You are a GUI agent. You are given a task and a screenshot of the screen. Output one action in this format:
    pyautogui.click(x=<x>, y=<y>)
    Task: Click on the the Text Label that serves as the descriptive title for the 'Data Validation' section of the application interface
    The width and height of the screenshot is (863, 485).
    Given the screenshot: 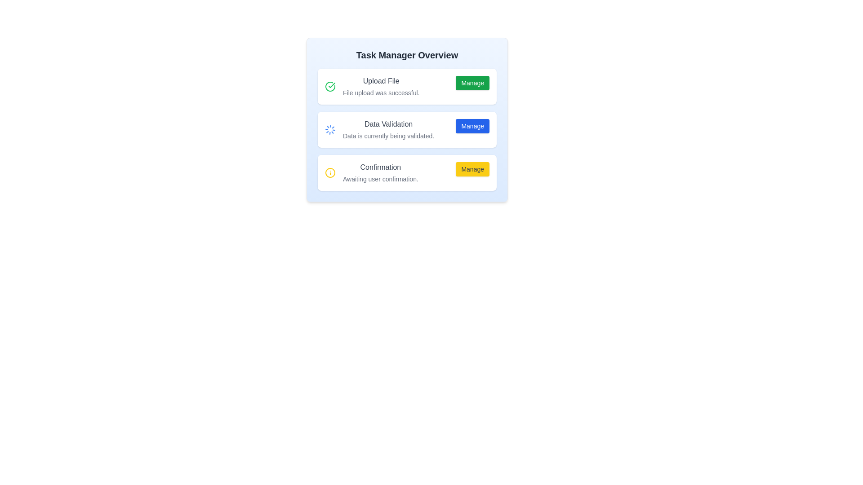 What is the action you would take?
    pyautogui.click(x=388, y=124)
    